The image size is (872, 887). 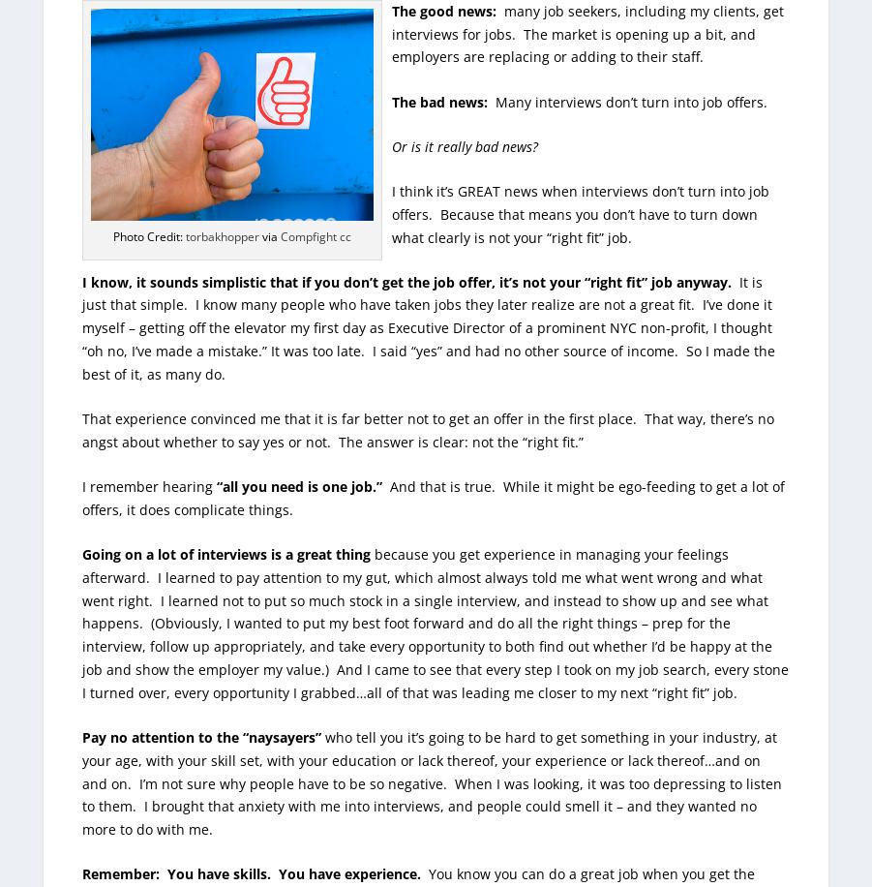 I want to click on 'because you get experience in managing your feelings afterward.  I learned to pay attention to my gut, which almost always told me what went wrong and what went right.  I learned not to put so much stock in a single interview, and instead to show up and see what happens.  (Obviously, I wanted to put my best foot forward and do all the right things – prep for the interview, follow up appropriately, and take every opportunity to both find out whether I’d be happy at the job and show the employer my value.)  And I came to see that every step I took on my job search, every stone I turned over, every opportunity I grabbed…all of that was leading me closer to my next “right fit” job.', so click(x=434, y=622).